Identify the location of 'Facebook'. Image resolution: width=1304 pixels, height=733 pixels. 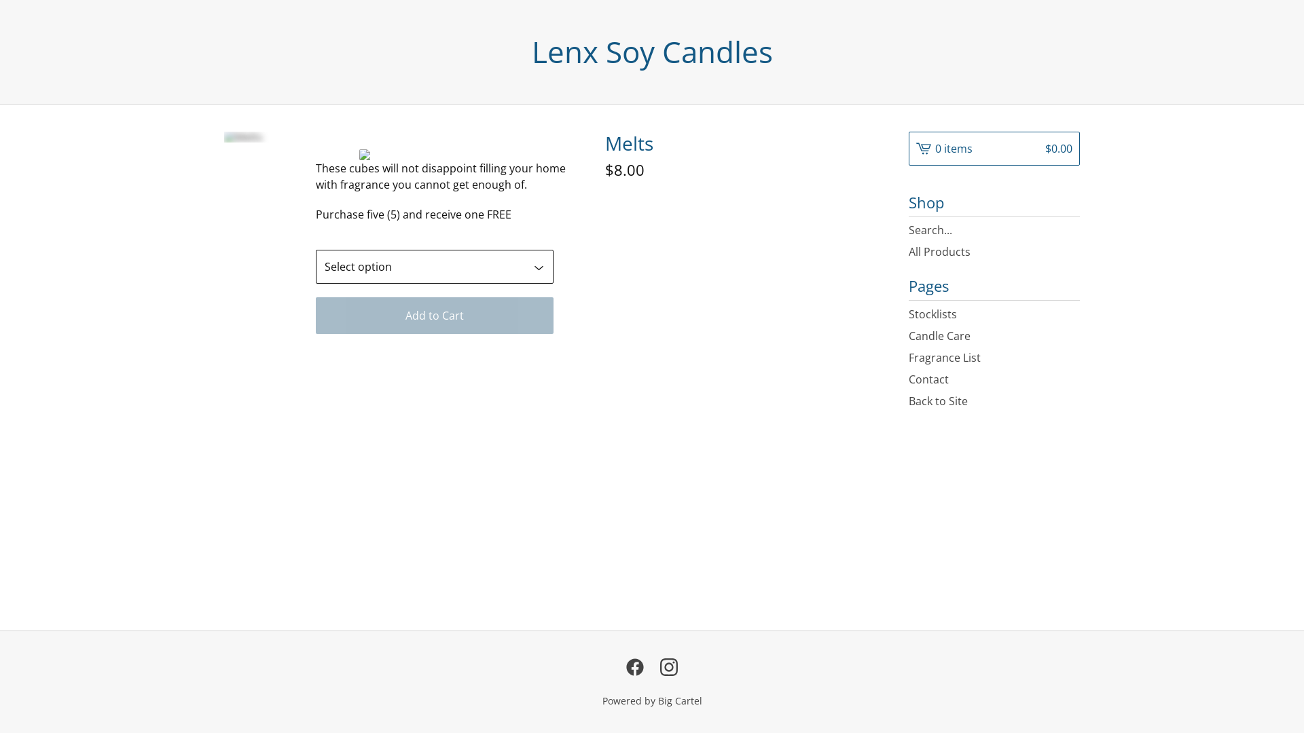
(634, 666).